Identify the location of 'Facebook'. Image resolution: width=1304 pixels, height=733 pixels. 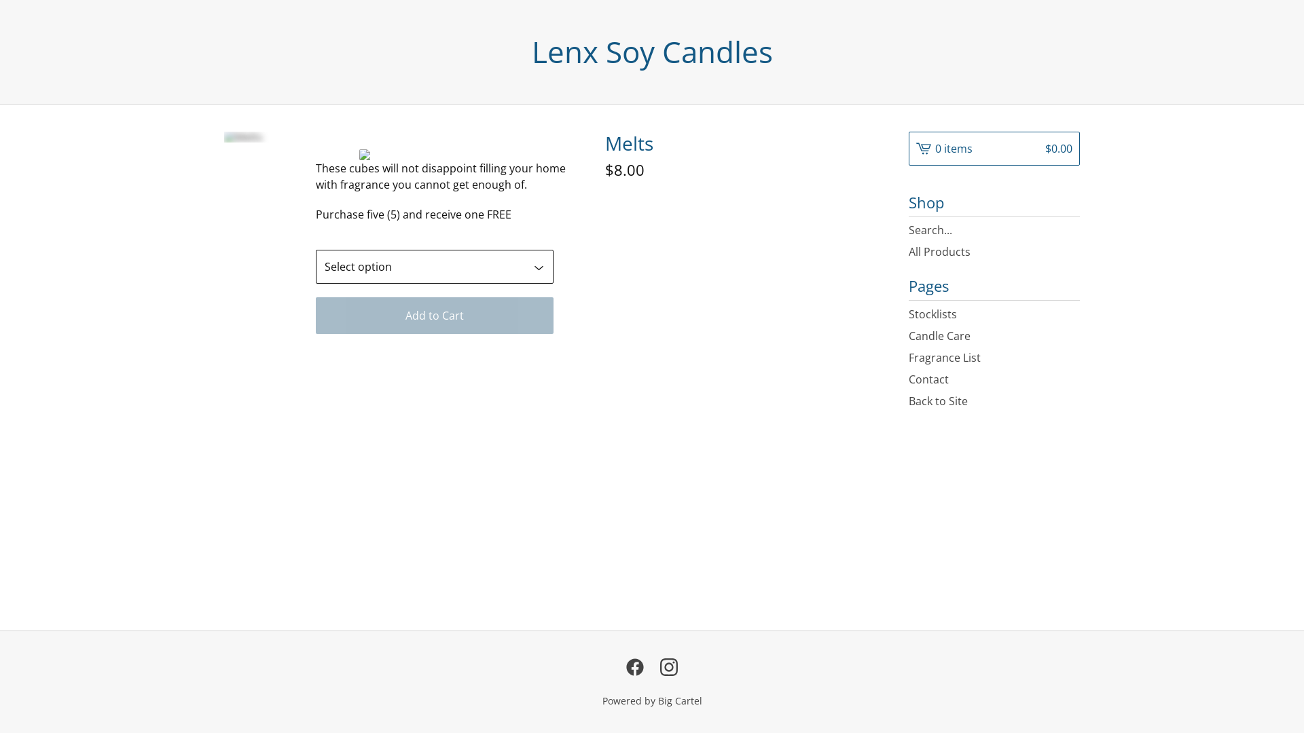
(634, 666).